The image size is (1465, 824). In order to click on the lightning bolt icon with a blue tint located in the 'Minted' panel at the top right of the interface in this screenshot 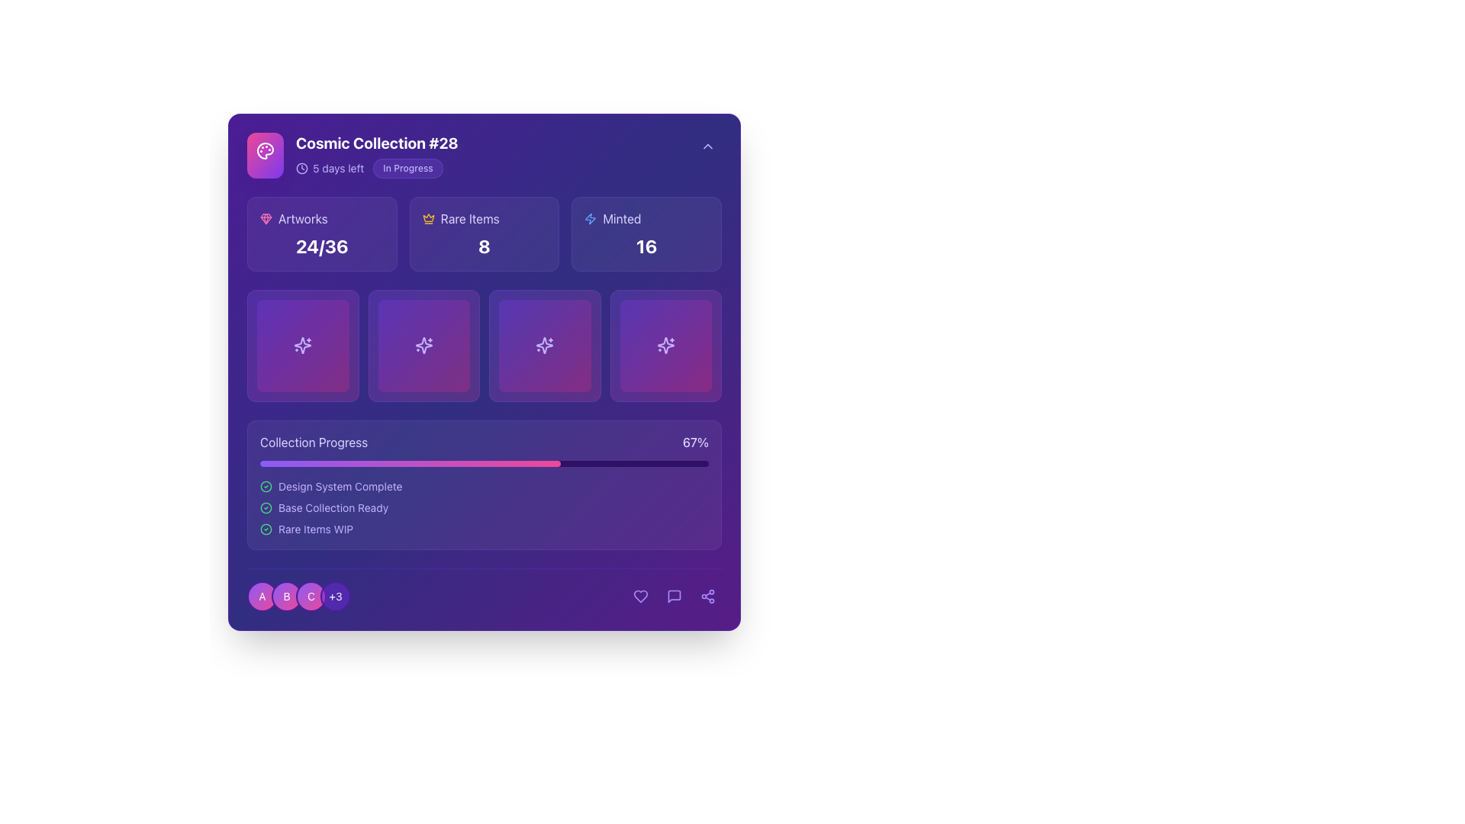, I will do `click(590, 218)`.